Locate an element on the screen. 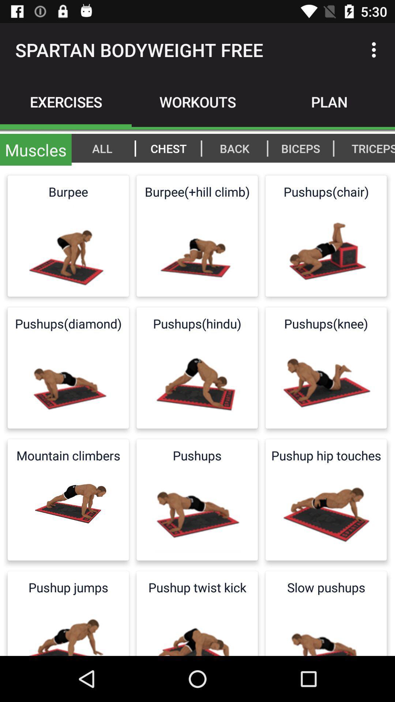 Image resolution: width=395 pixels, height=702 pixels. icon above the pushups(chair) is located at coordinates (369, 148).